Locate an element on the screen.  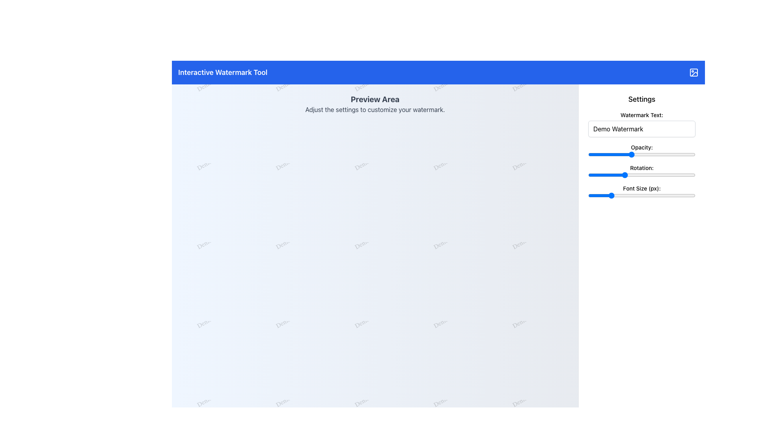
the 'Settings' header text, which is displayed in a larger, bold, and dark font located at the top right of the sidebar is located at coordinates (641, 99).